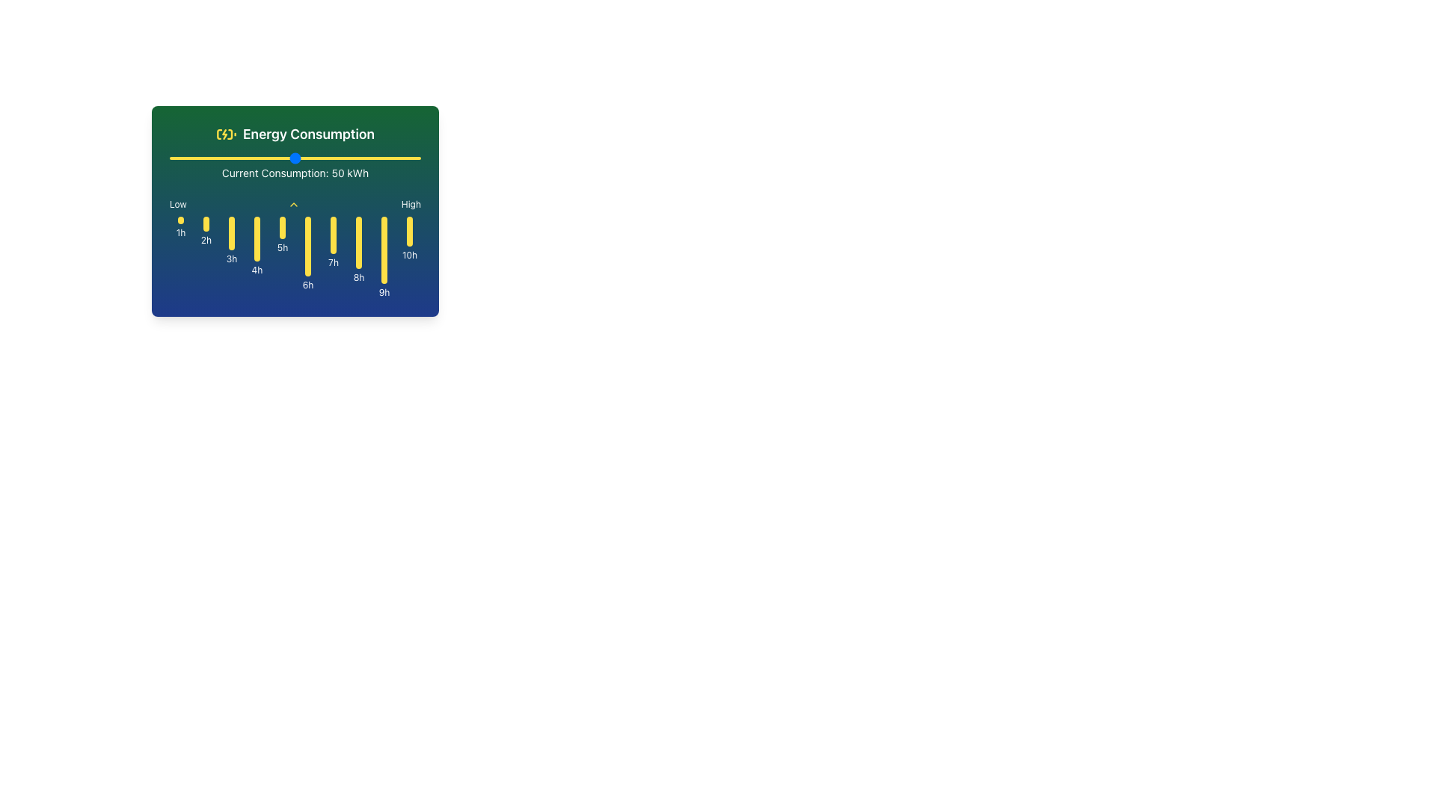 Image resolution: width=1436 pixels, height=807 pixels. Describe the element at coordinates (283, 247) in the screenshot. I see `text label that indicates the 5th hour data point in the graph, which is positioned beneath the corresponding yellow bar for that hour` at that location.